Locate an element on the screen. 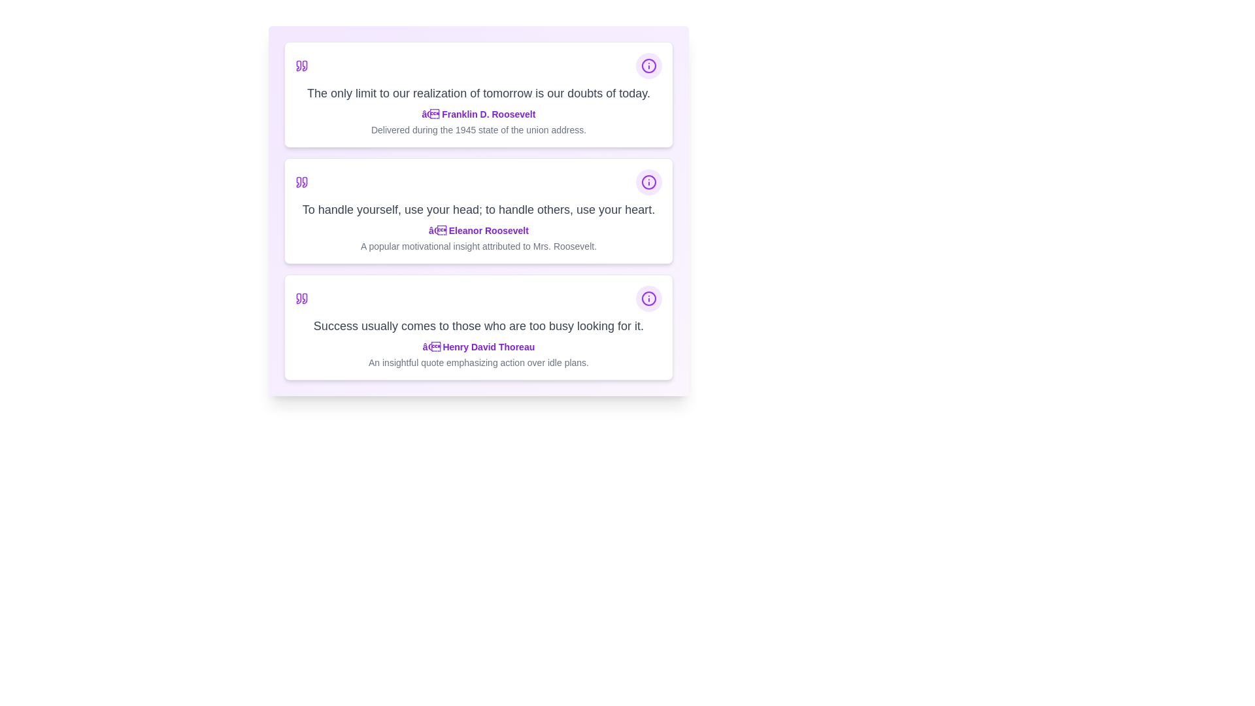 The image size is (1255, 706). the circular purple information icon with an 'i' in the center, located to the right of the second quote card is located at coordinates (649, 65).